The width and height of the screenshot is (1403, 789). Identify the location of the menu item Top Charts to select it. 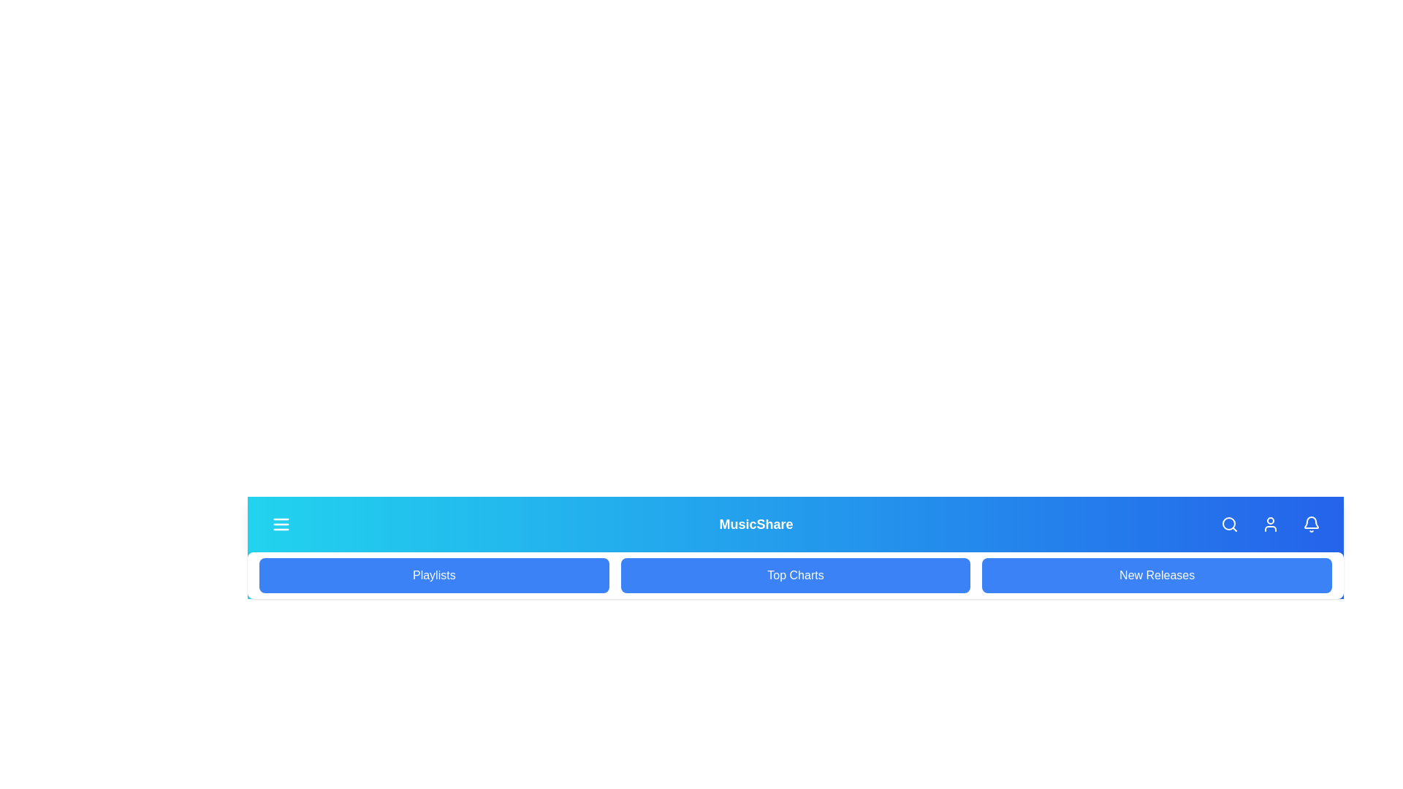
(794, 574).